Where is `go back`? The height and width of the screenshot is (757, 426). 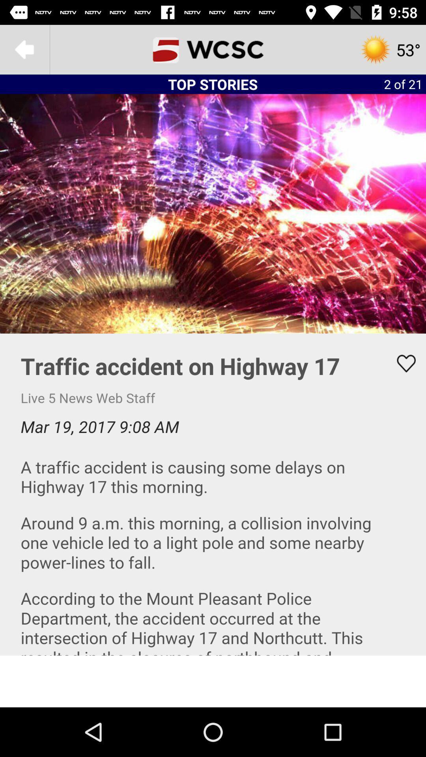 go back is located at coordinates (24, 49).